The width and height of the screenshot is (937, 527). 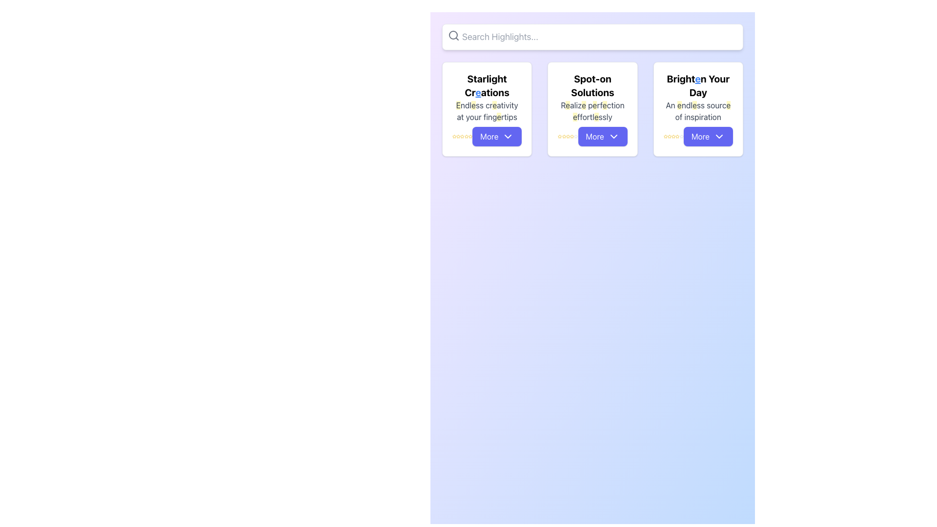 What do you see at coordinates (508, 137) in the screenshot?
I see `the downward-pointing chevron icon within the 'More' button of the 'Starlight Creations' card` at bounding box center [508, 137].